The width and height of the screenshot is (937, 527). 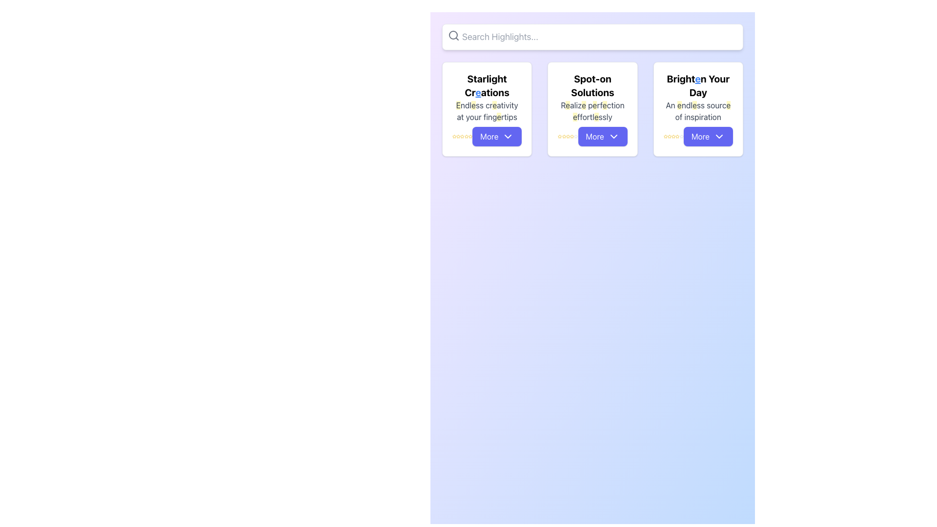 What do you see at coordinates (508, 137) in the screenshot?
I see `the downward-pointing chevron icon within the 'More' button of the 'Starlight Creations' card` at bounding box center [508, 137].